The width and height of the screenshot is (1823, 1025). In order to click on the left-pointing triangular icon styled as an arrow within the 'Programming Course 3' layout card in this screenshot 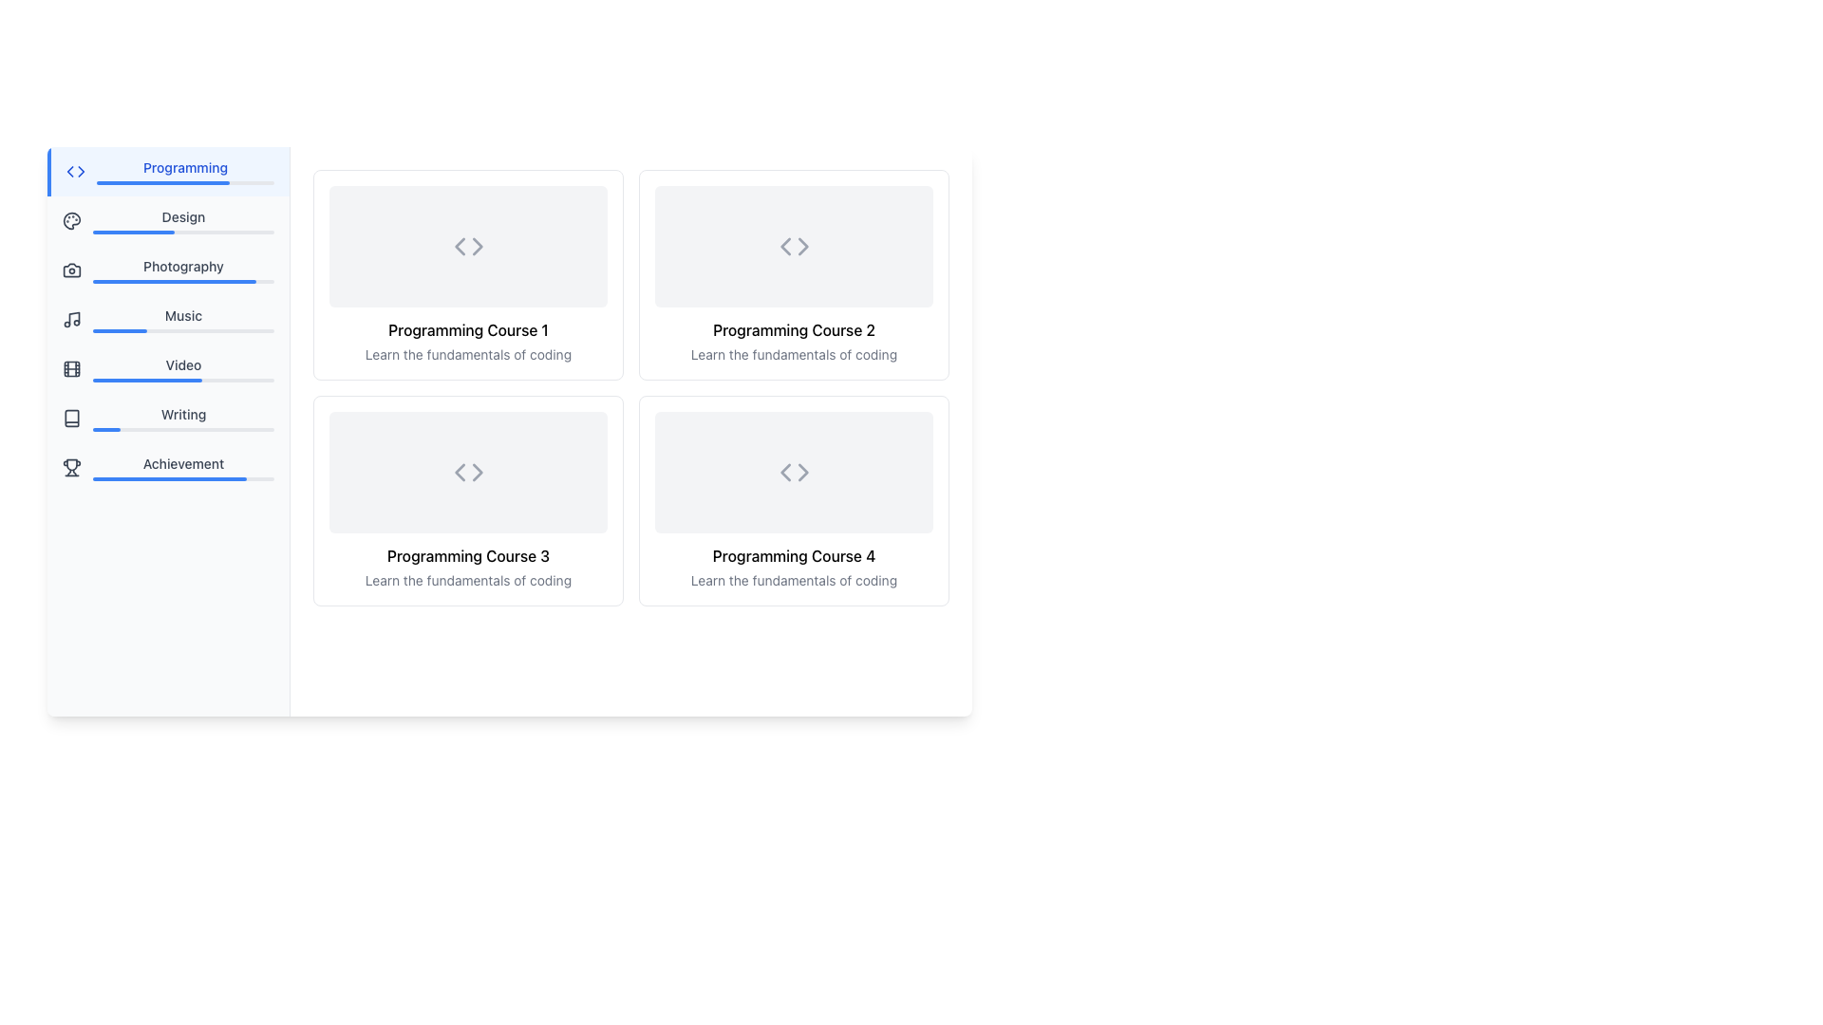, I will do `click(460, 471)`.